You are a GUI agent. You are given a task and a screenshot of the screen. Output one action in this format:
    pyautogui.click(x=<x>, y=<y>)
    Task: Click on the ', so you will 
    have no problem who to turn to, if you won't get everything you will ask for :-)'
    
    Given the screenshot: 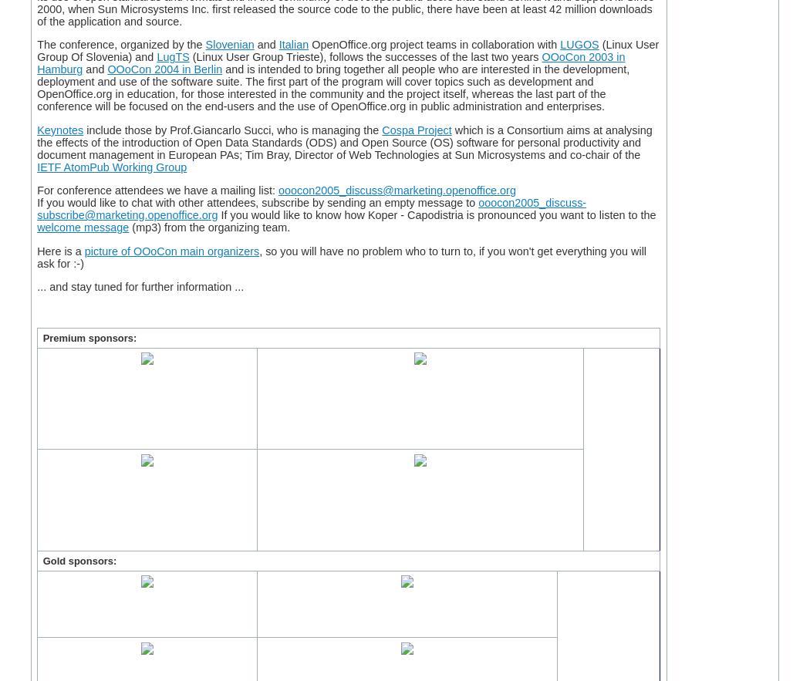 What is the action you would take?
    pyautogui.click(x=340, y=255)
    